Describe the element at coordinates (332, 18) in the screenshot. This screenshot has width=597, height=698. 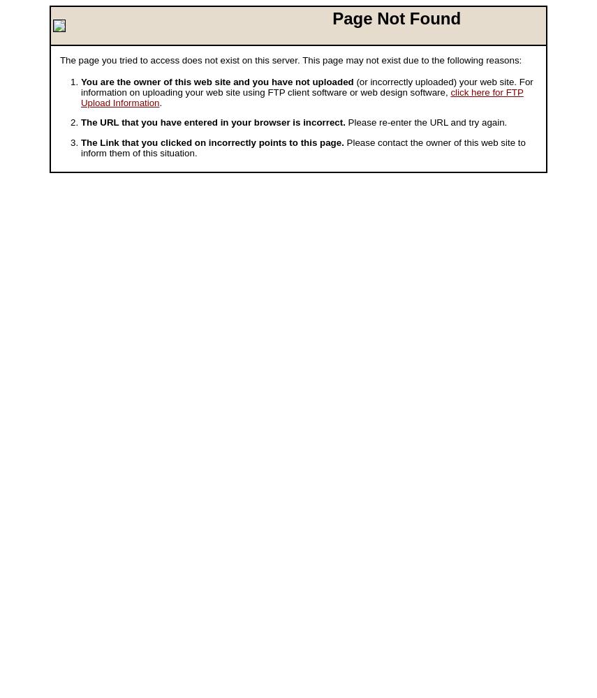
I see `'Page Not Found'` at that location.